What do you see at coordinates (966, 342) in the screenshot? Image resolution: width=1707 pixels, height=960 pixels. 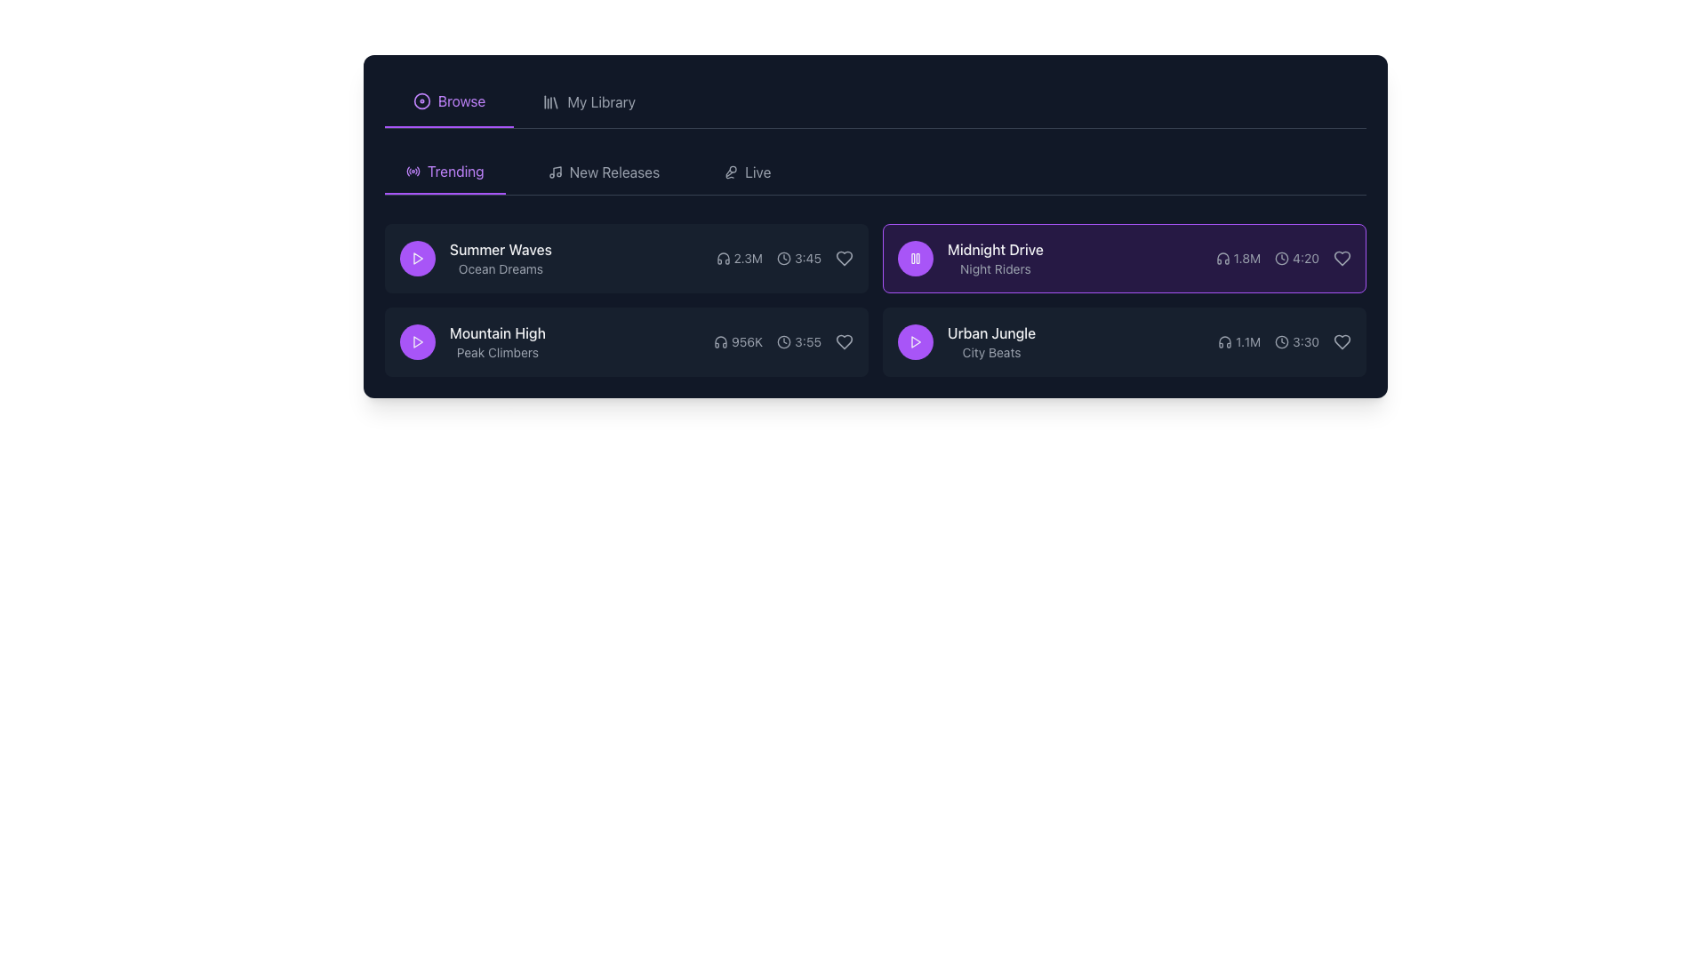 I see `the 'Urban Jungle' text label` at bounding box center [966, 342].